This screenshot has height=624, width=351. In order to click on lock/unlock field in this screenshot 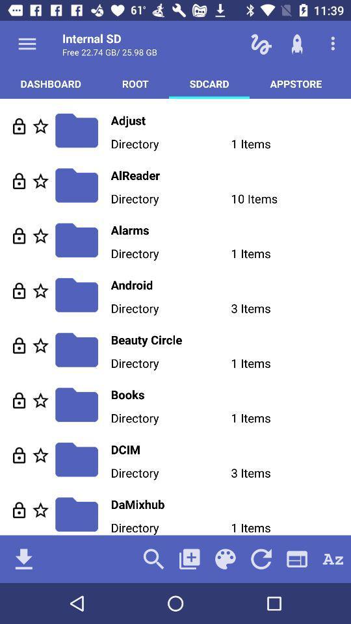, I will do `click(18, 291)`.